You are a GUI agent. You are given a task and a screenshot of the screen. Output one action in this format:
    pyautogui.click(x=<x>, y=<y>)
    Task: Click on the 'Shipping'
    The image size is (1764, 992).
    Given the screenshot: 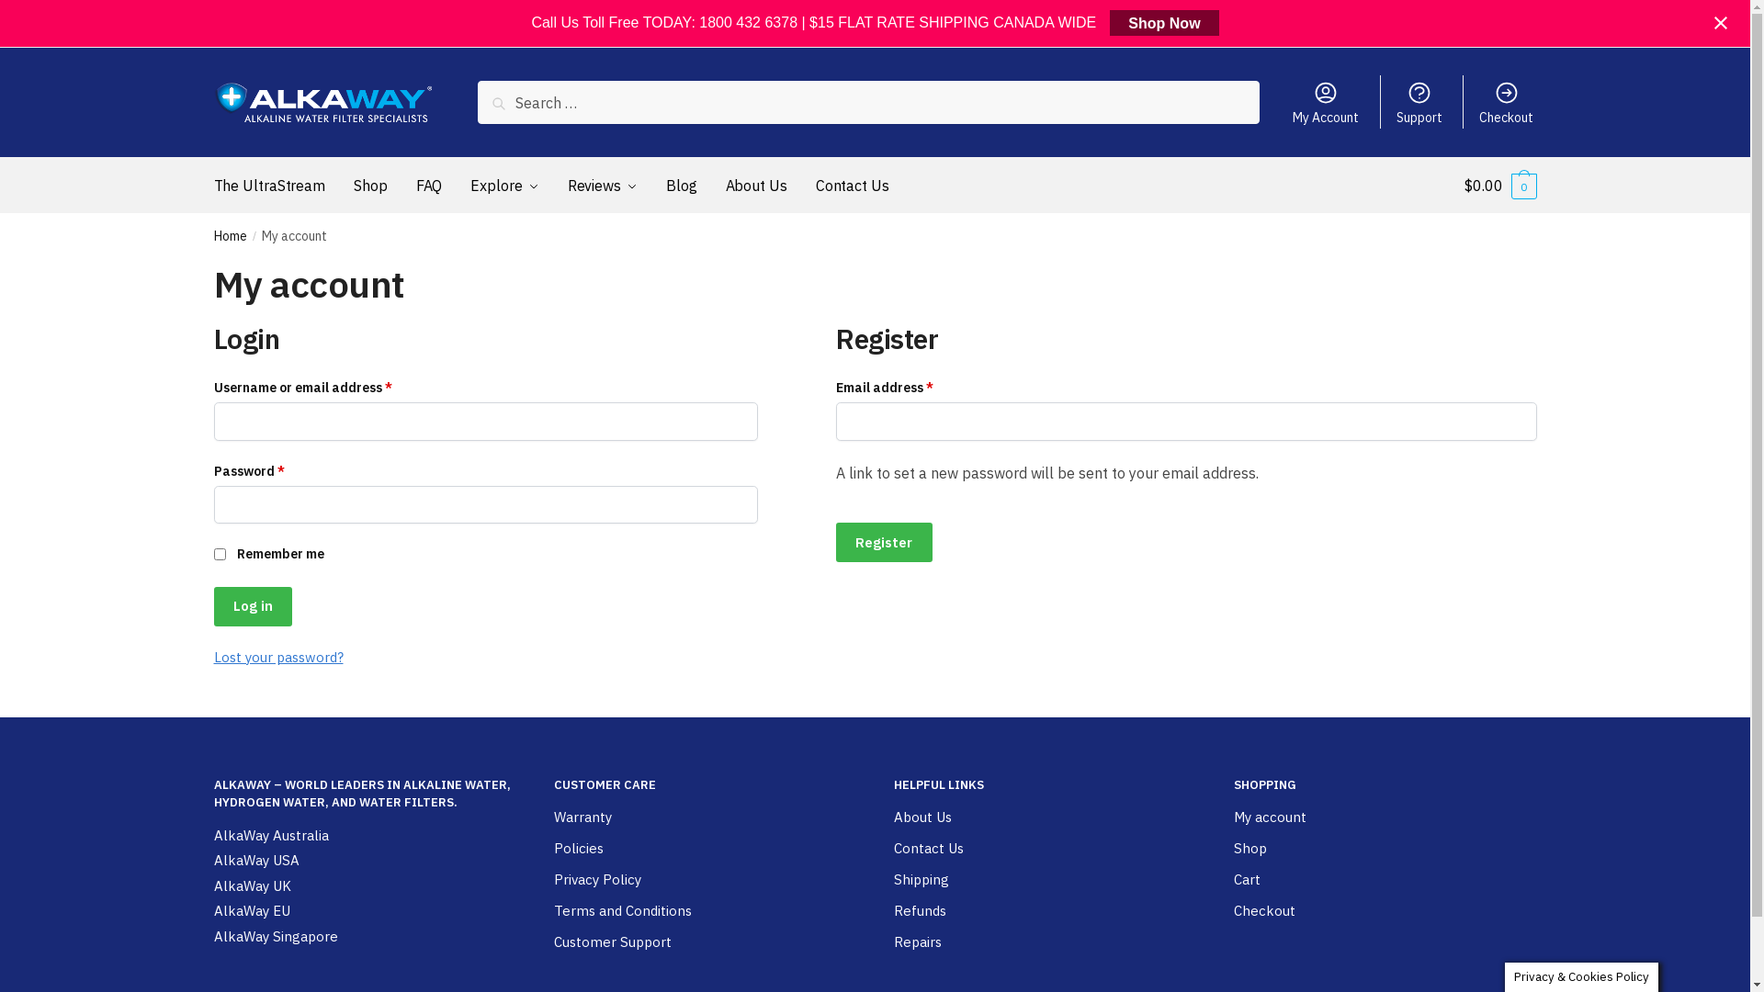 What is the action you would take?
    pyautogui.click(x=921, y=879)
    